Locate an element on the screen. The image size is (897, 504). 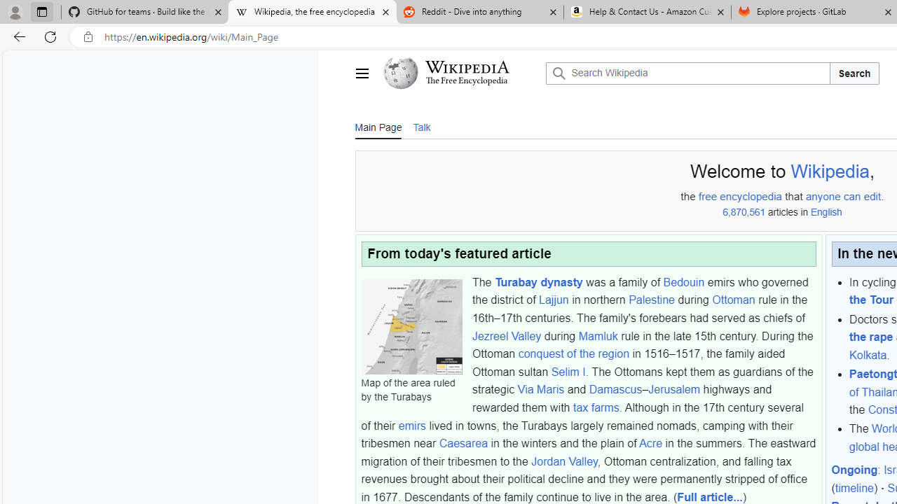
'anyone can edit' is located at coordinates (842, 197).